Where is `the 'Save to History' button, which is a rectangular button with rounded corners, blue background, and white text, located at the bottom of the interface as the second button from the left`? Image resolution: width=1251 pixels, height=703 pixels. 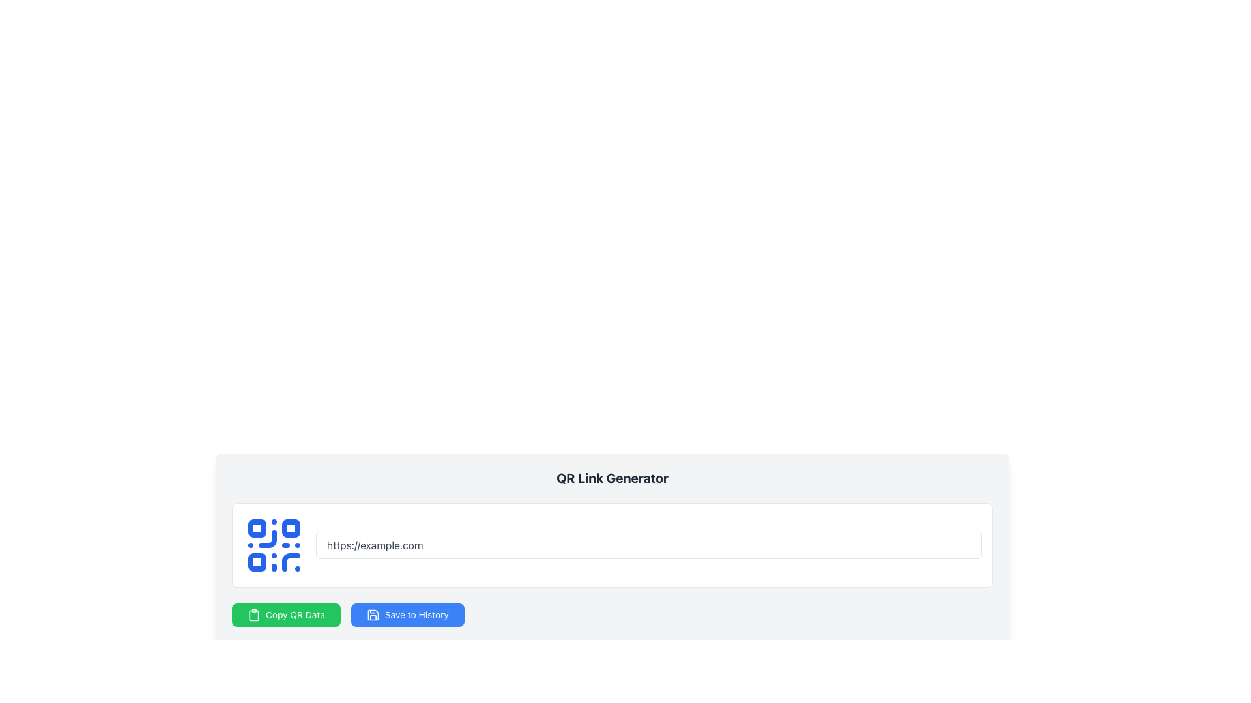 the 'Save to History' button, which is a rectangular button with rounded corners, blue background, and white text, located at the bottom of the interface as the second button from the left is located at coordinates (407, 615).